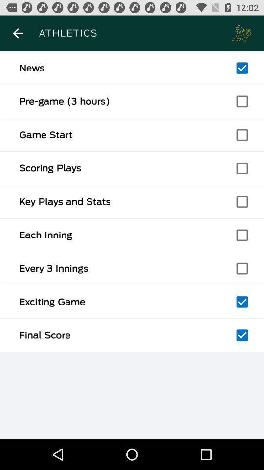  I want to click on option, so click(242, 201).